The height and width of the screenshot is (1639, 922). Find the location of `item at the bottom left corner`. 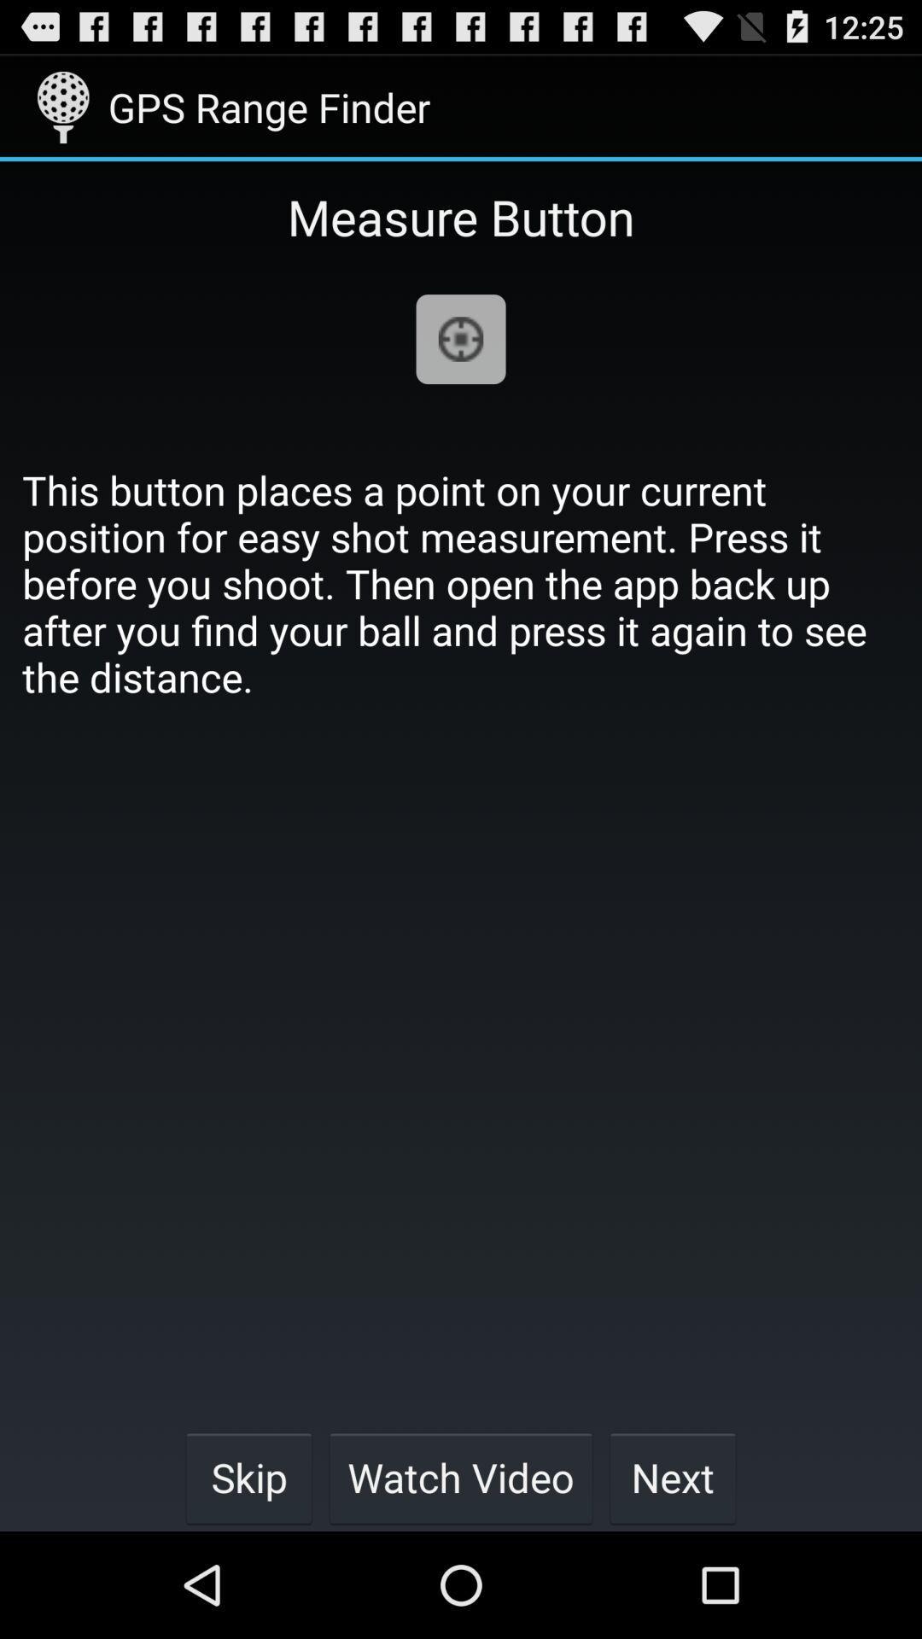

item at the bottom left corner is located at coordinates (248, 1477).